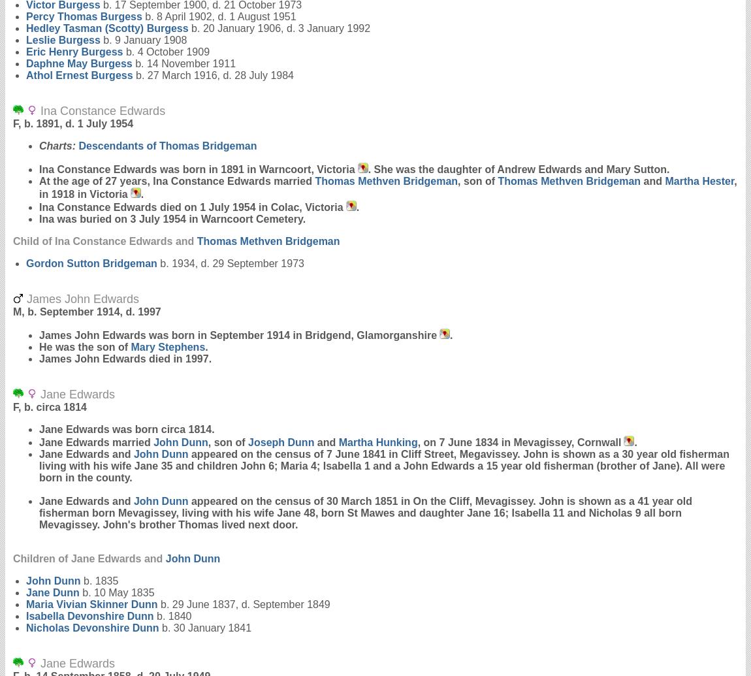  What do you see at coordinates (39, 358) in the screenshot?
I see `'James John Edwards died in 1997.'` at bounding box center [39, 358].